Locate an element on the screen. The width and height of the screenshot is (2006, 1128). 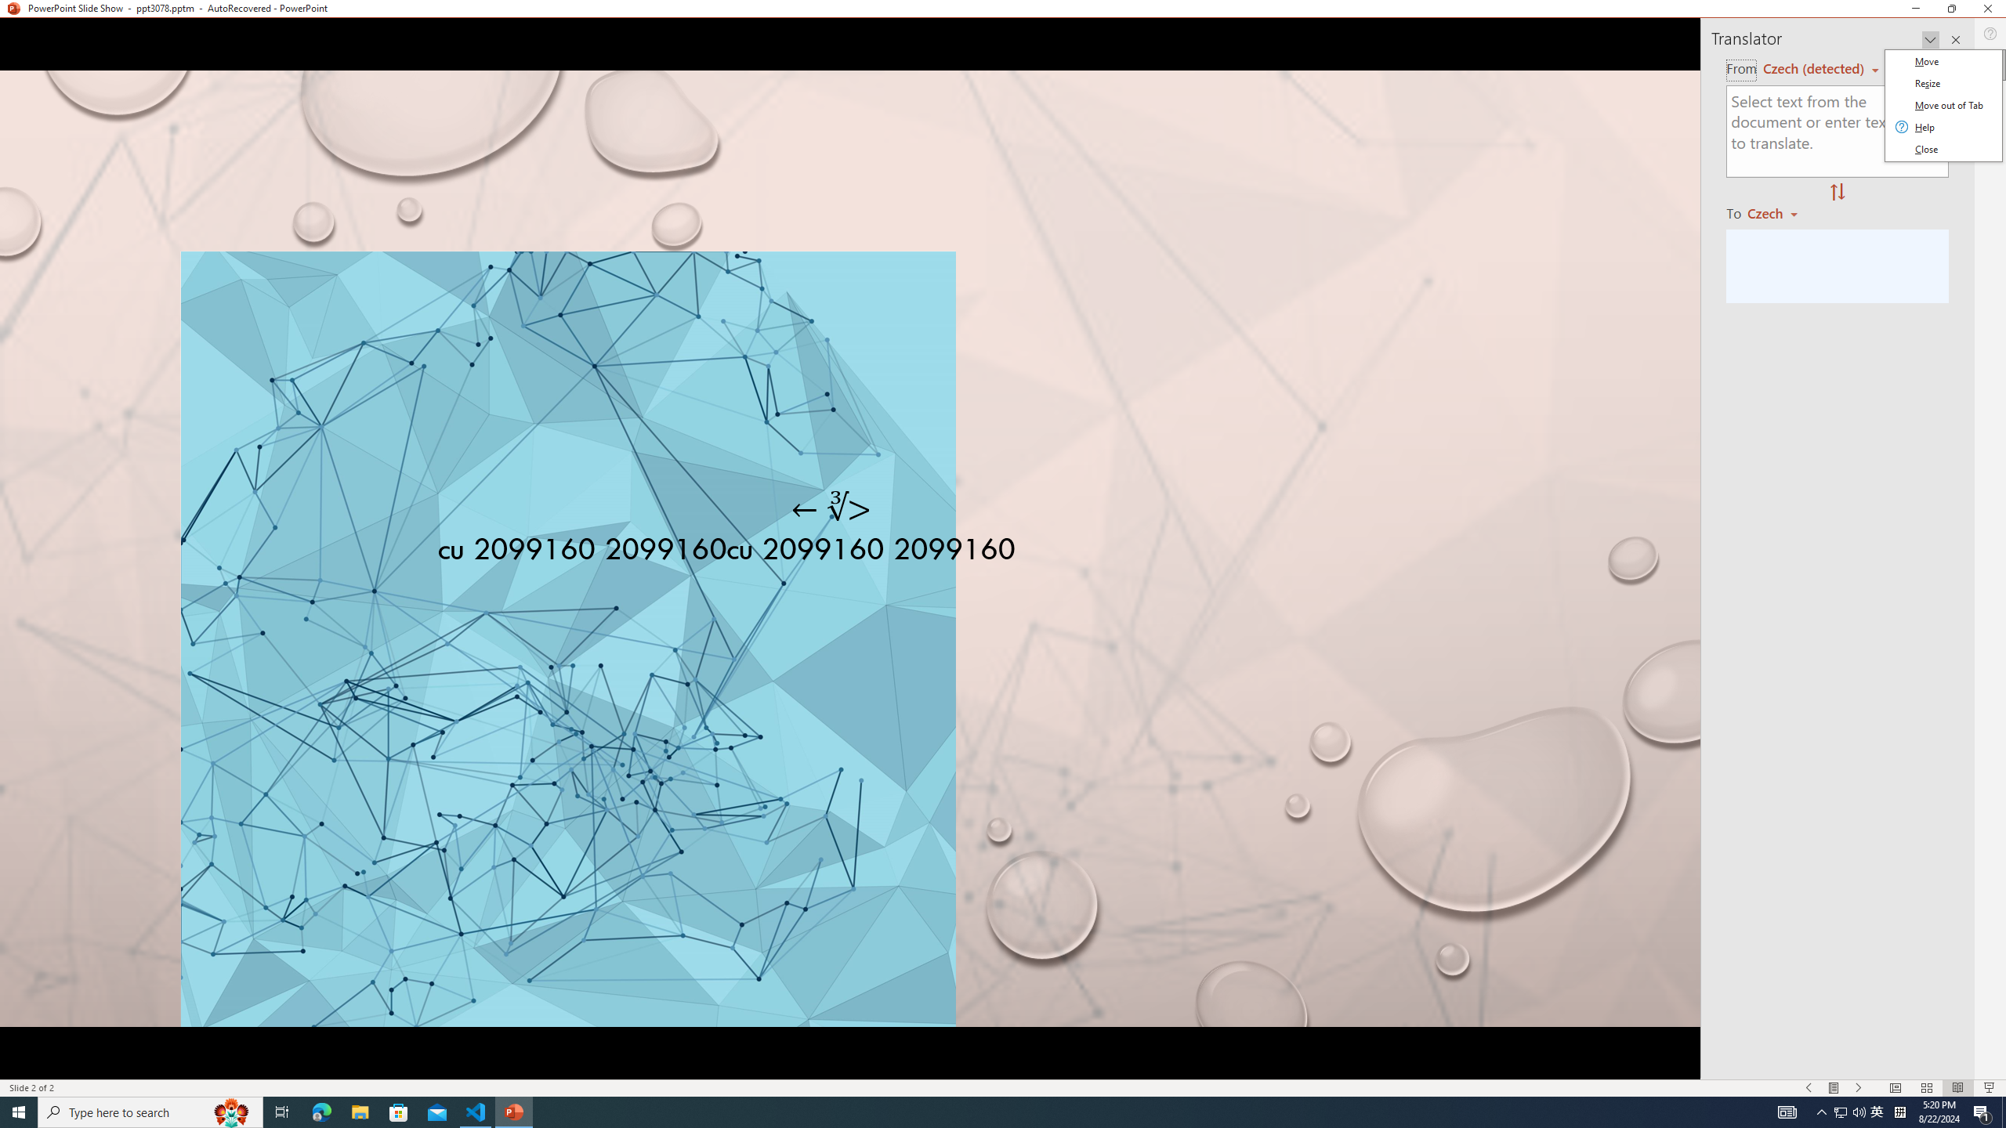
'Menu On' is located at coordinates (1834, 1088).